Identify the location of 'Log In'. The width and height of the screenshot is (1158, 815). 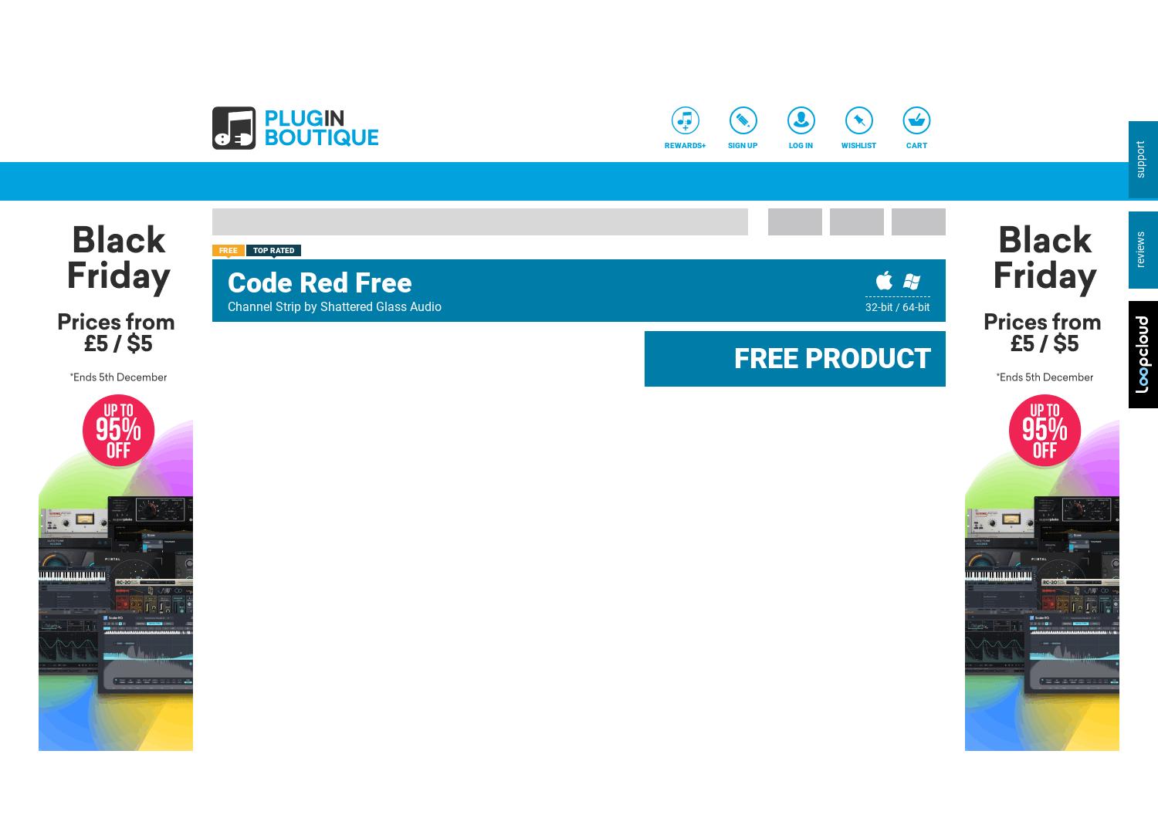
(801, 145).